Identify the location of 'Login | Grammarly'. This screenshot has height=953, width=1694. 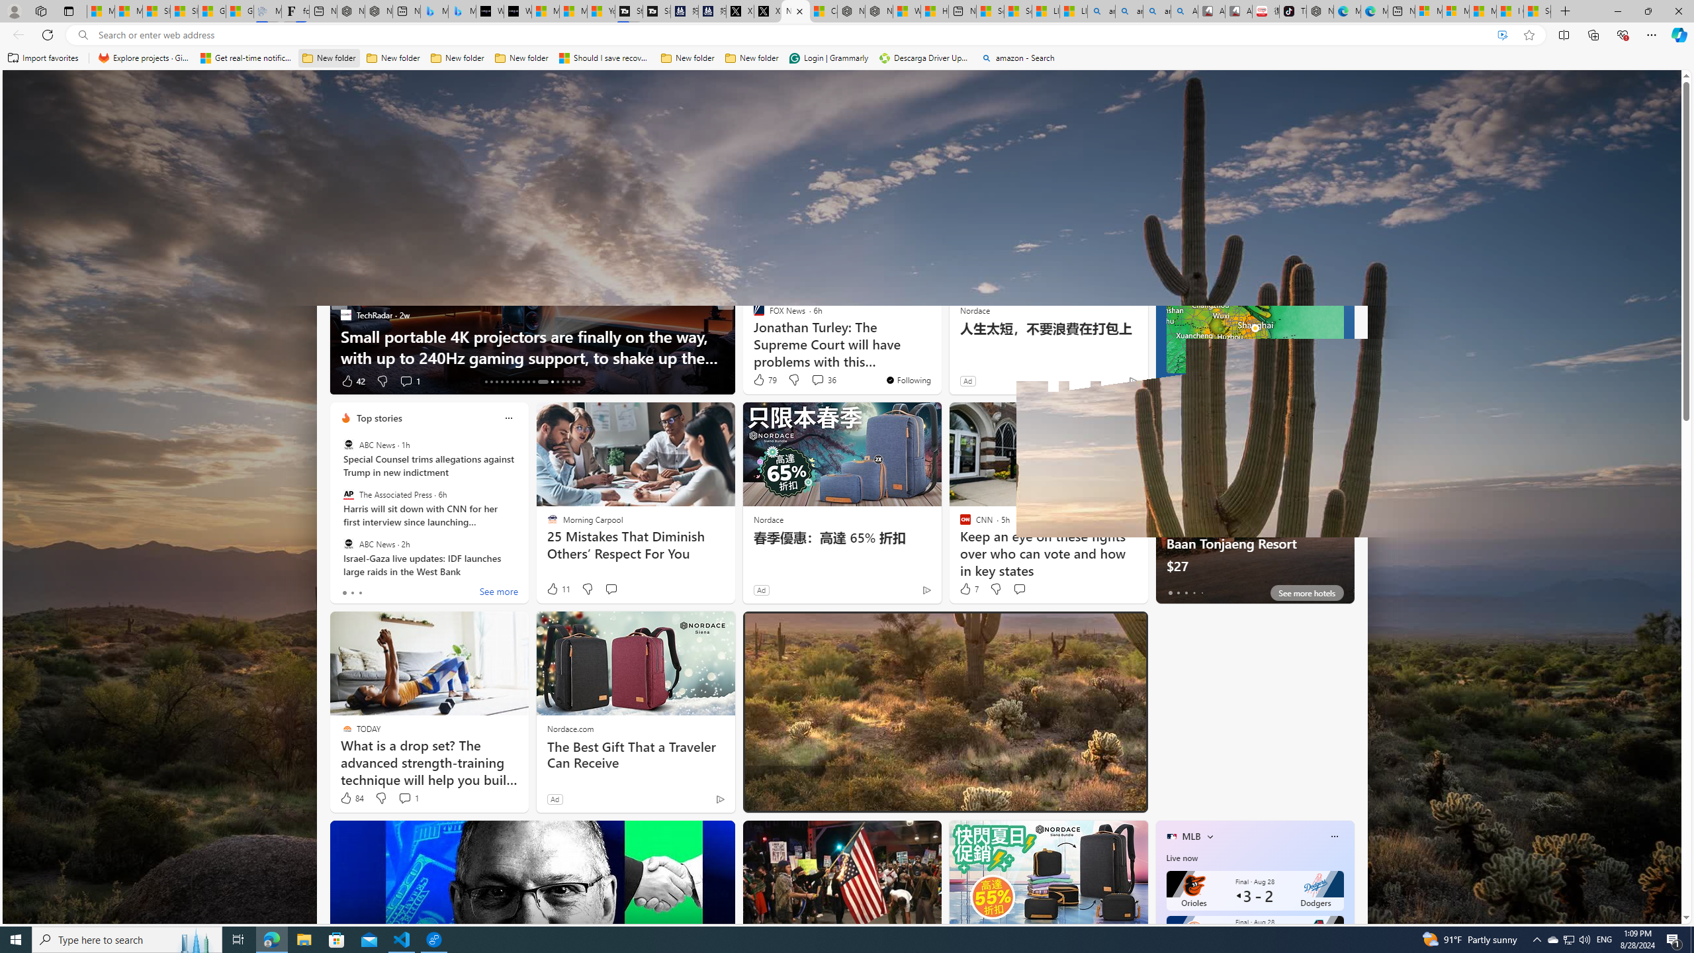
(828, 58).